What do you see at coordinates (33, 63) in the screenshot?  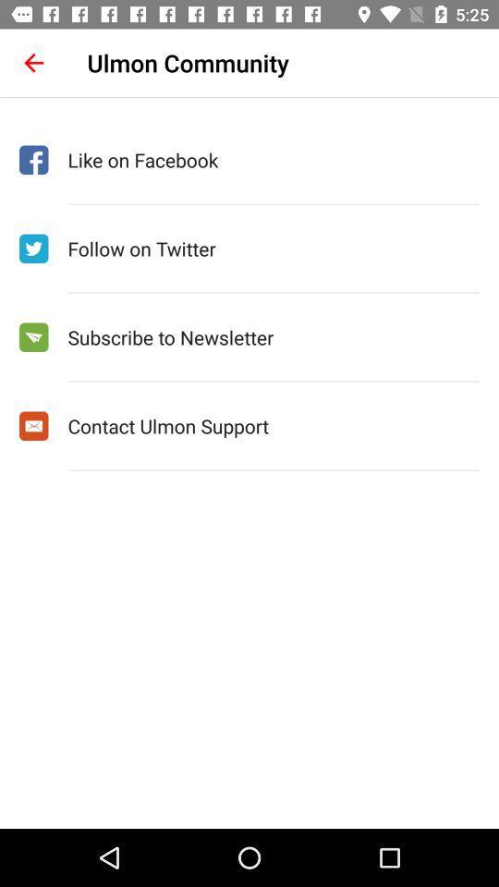 I see `item to the left of the ulmon community item` at bounding box center [33, 63].